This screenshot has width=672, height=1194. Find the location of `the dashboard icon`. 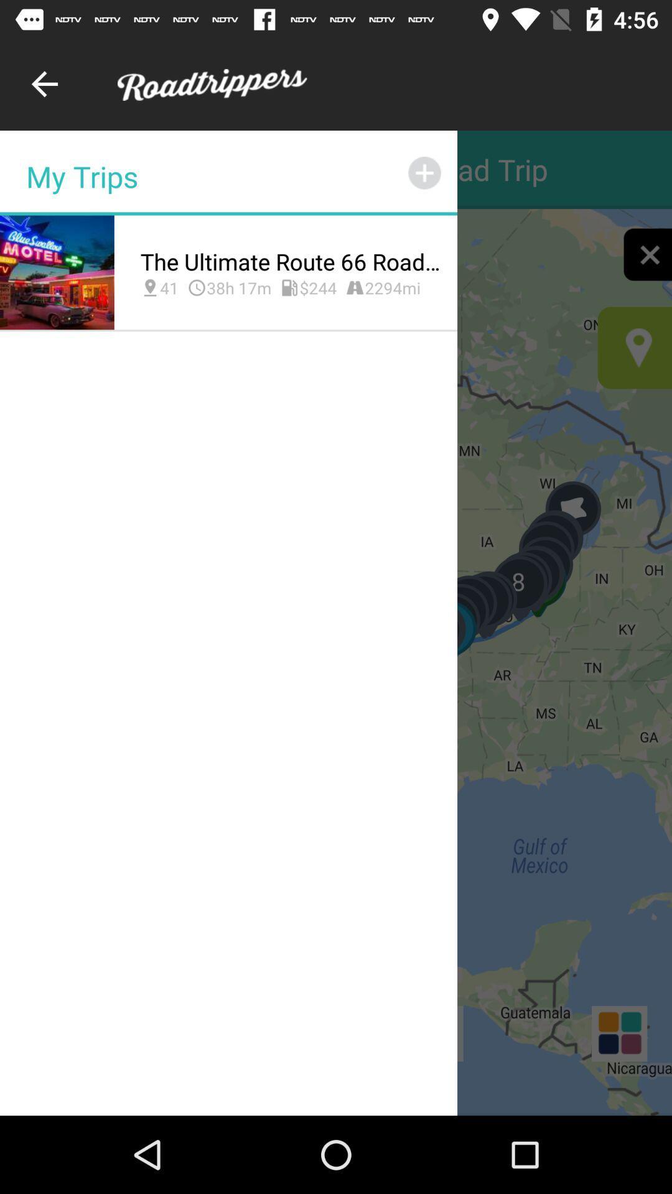

the dashboard icon is located at coordinates (619, 1034).